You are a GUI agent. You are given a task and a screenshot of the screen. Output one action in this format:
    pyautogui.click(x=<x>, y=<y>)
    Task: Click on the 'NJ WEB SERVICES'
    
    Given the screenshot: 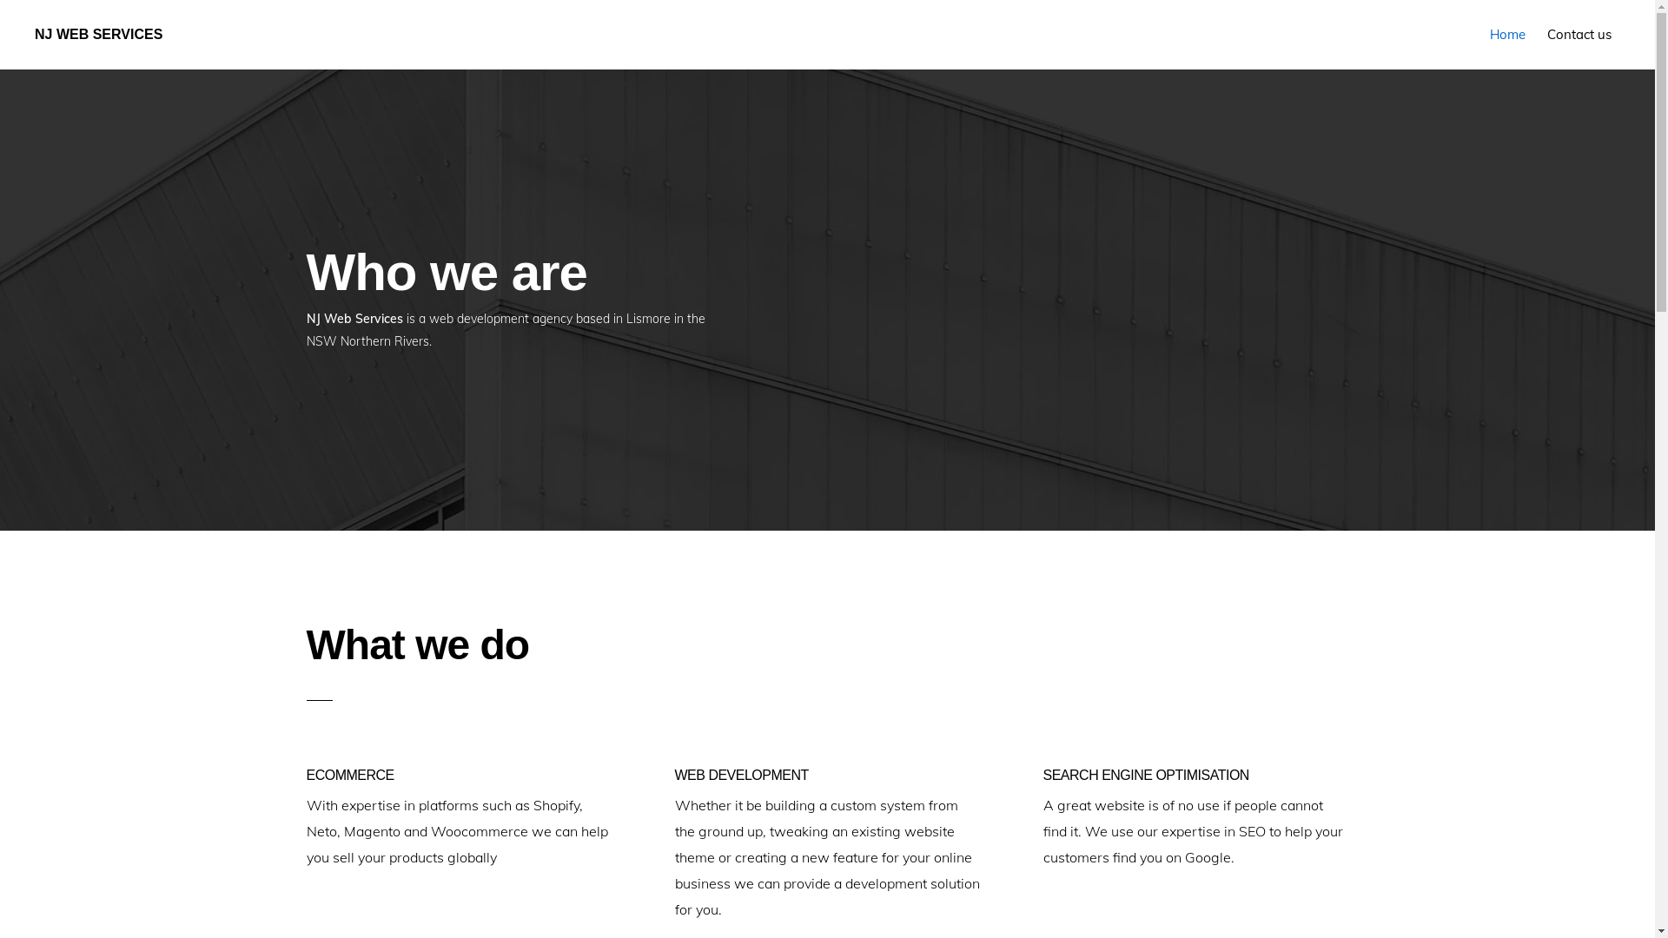 What is the action you would take?
    pyautogui.click(x=34, y=34)
    